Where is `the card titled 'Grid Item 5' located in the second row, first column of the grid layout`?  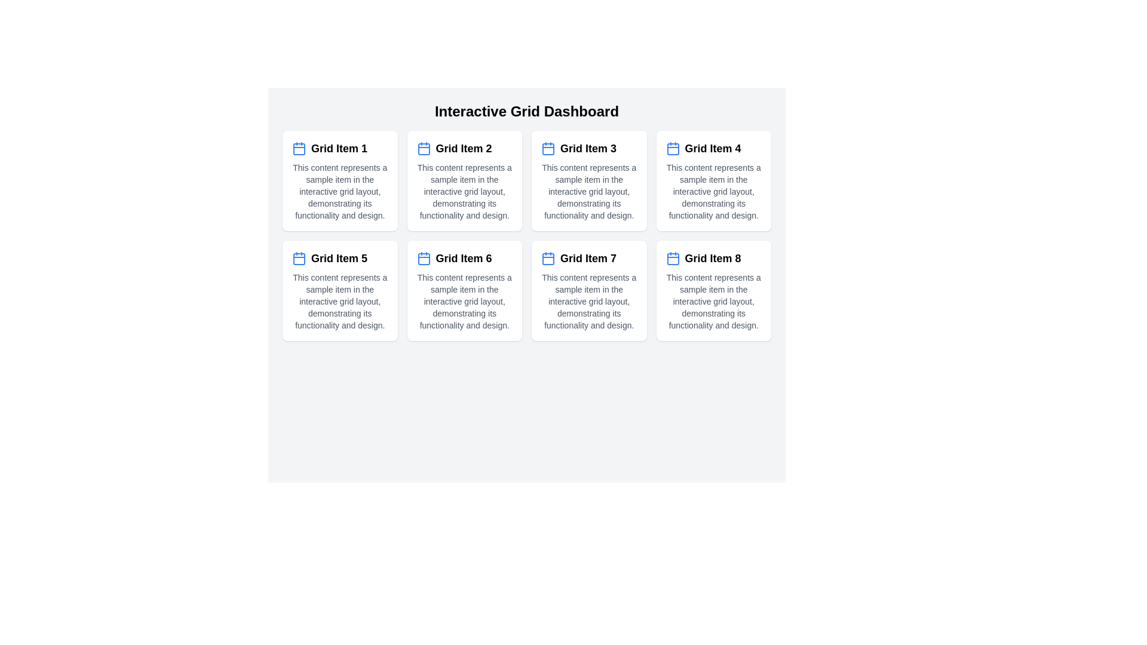
the card titled 'Grid Item 5' located in the second row, first column of the grid layout is located at coordinates (339, 290).